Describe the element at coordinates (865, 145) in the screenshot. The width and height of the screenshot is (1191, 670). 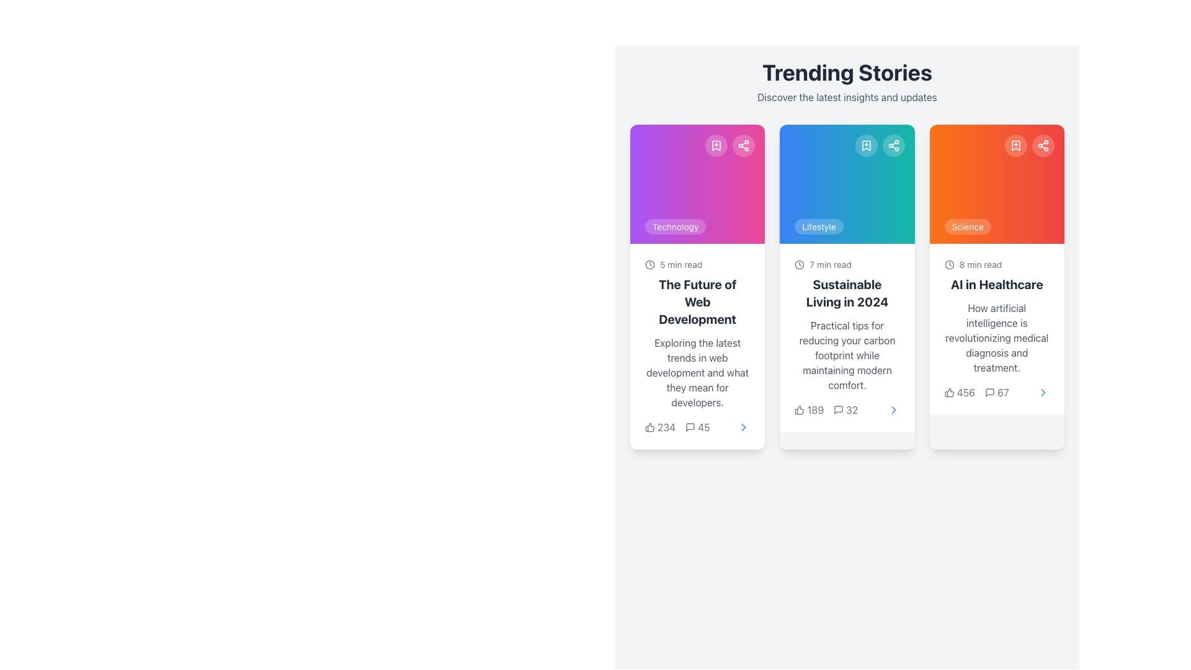
I see `the distinctive bookmark icon located in the top-right corner of the 'Lifestyle' card` at that location.